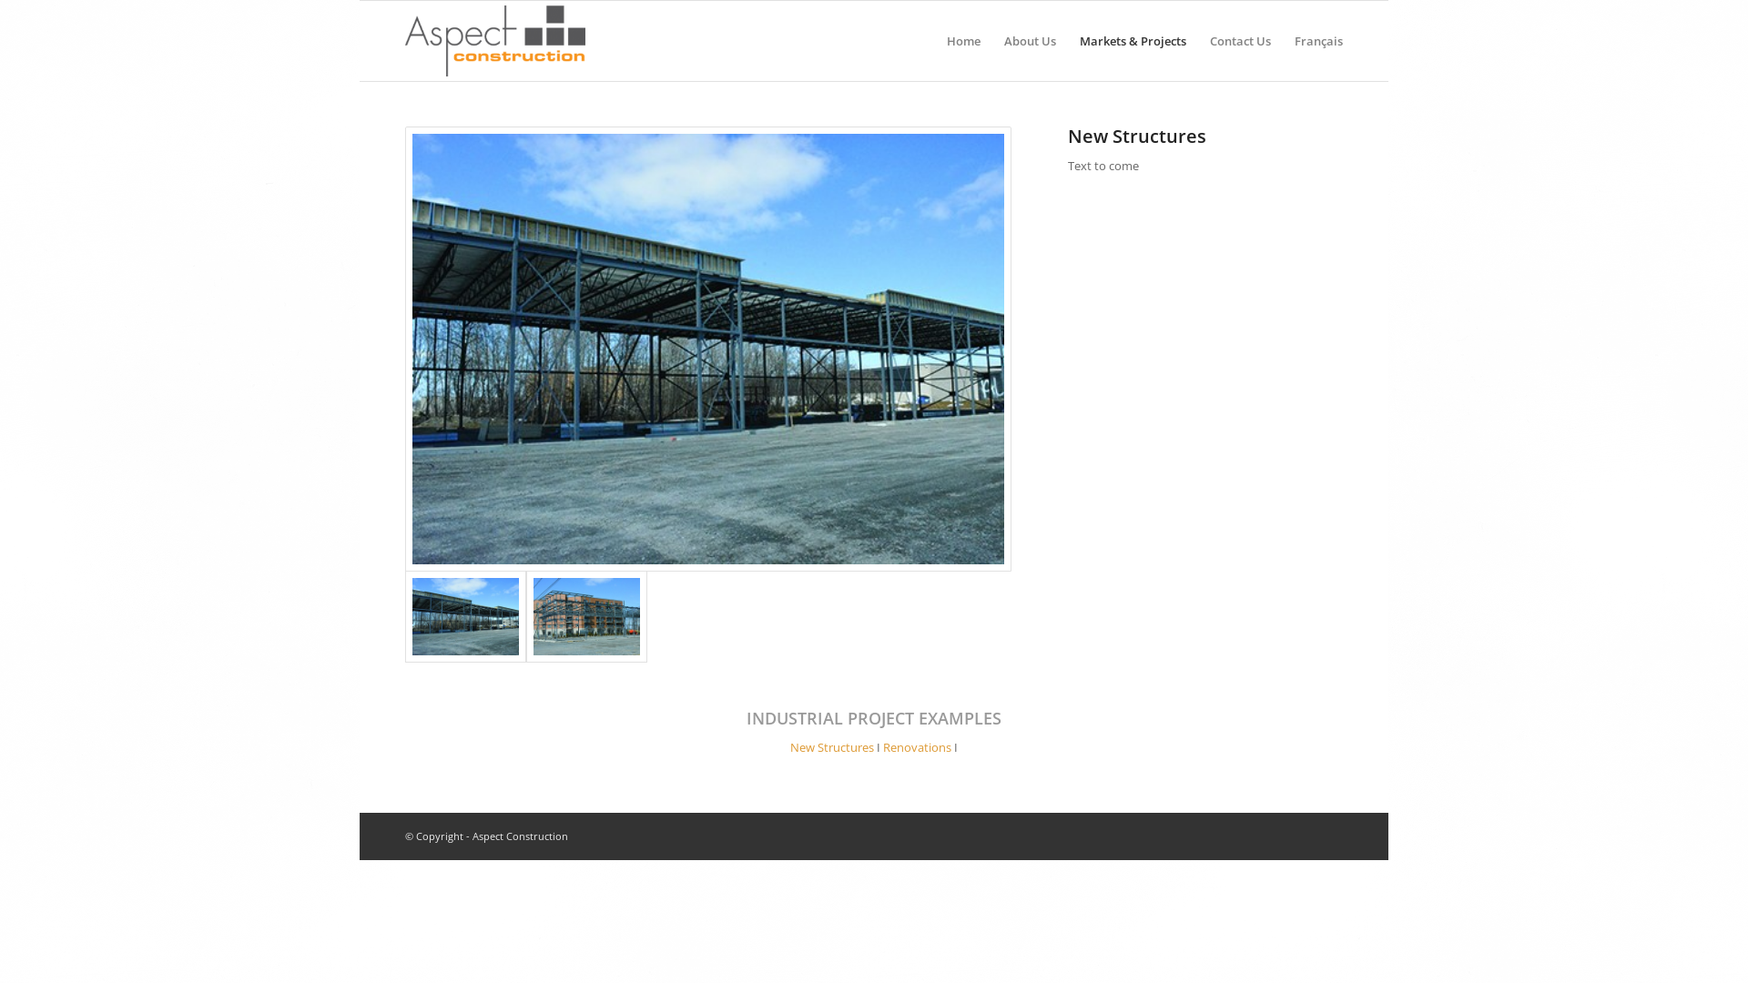  What do you see at coordinates (1030, 41) in the screenshot?
I see `'About Us'` at bounding box center [1030, 41].